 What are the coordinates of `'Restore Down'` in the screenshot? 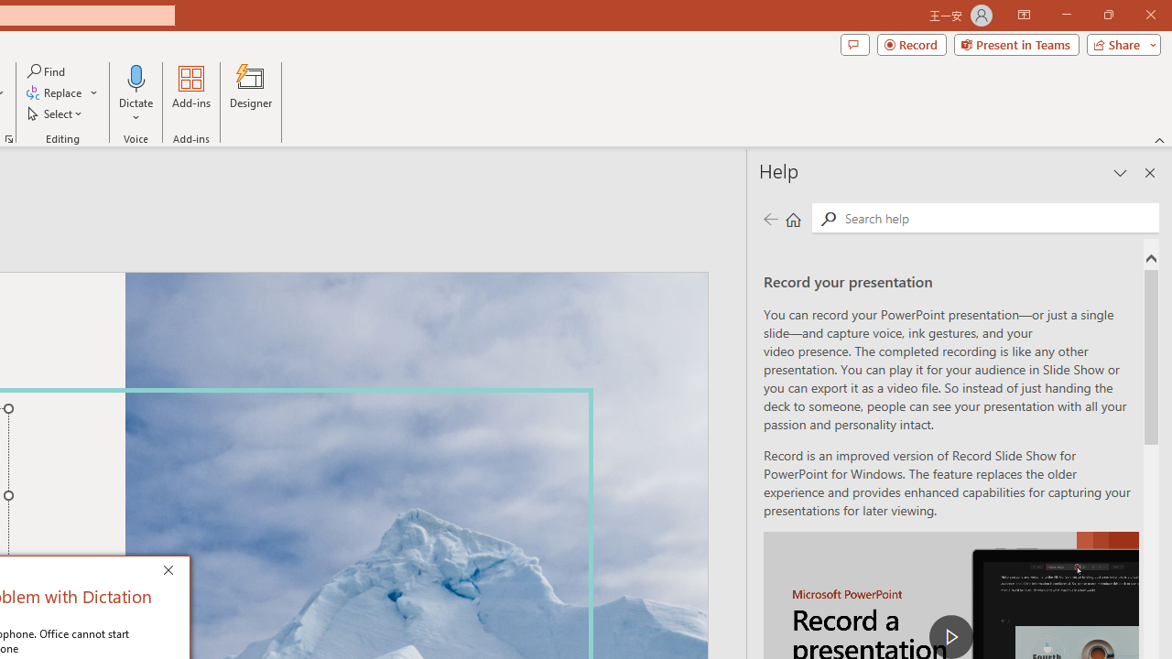 It's located at (1107, 15).